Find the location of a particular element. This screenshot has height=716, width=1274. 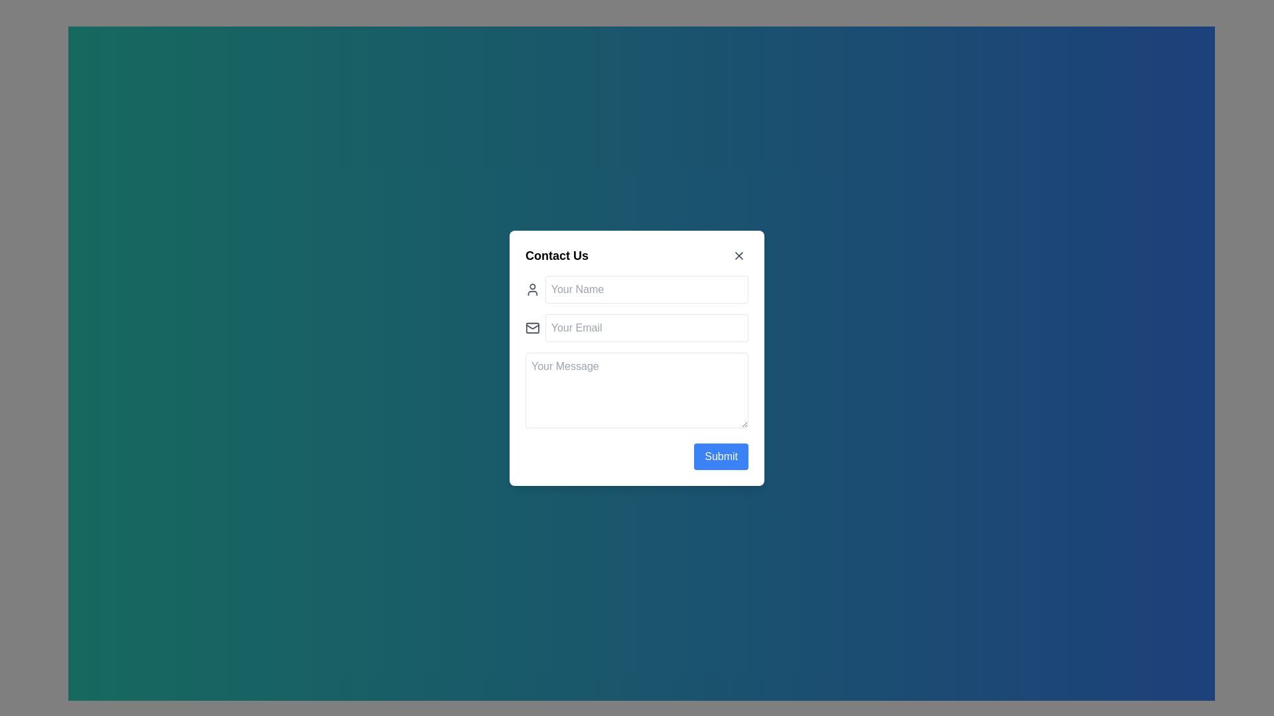

the decorative graphical element resembling an envelope in the 'Contact Us' form, located in the second row adjacent to the 'Your Email' input field is located at coordinates (532, 326).